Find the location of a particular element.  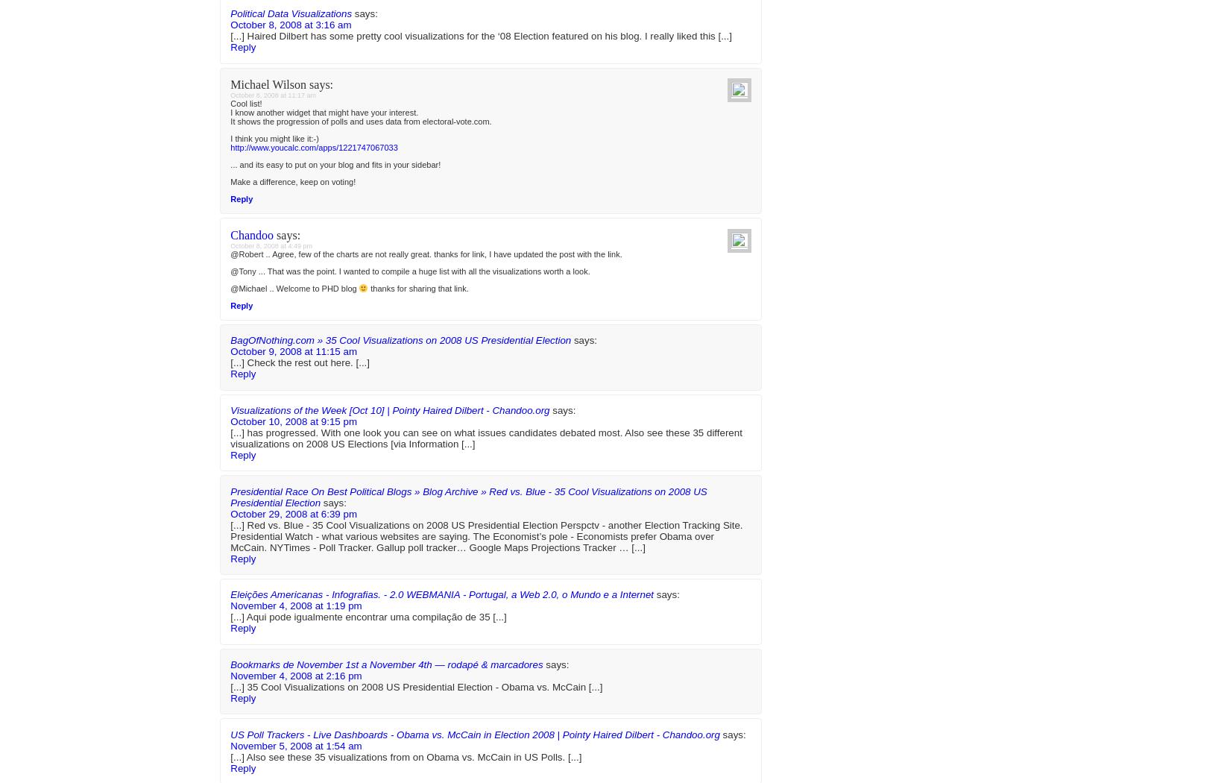

'[...] Haired Dilbert has some pretty cool visualizations for the ‘08 Election featured on his blog. I really liked this [...]' is located at coordinates (230, 547).